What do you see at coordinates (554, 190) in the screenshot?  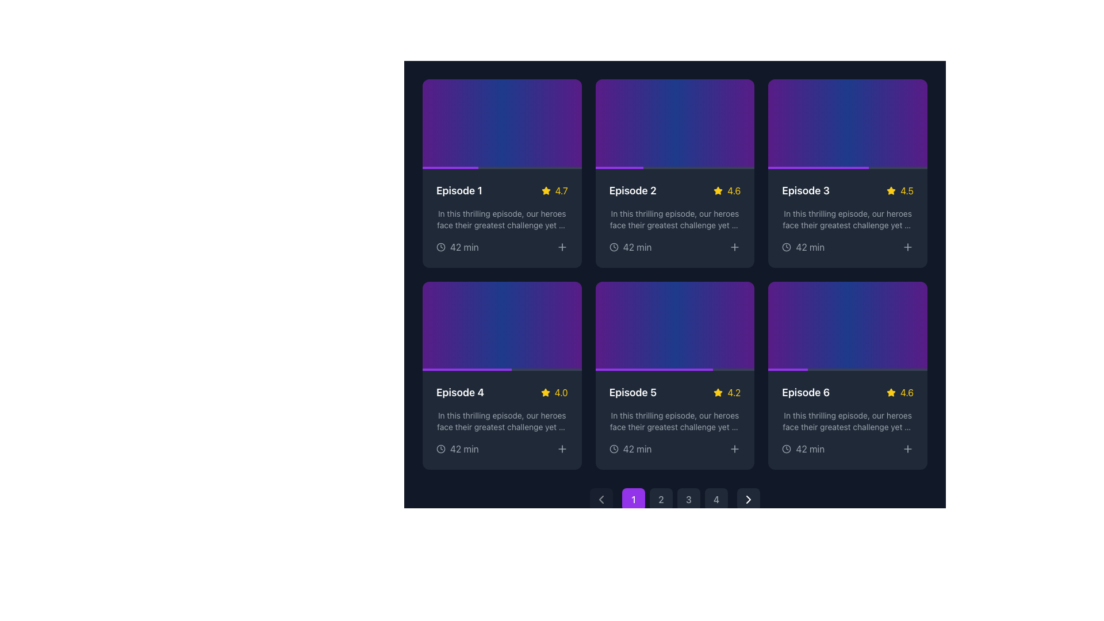 I see `the displayed rating for Episode 1, which is visually represented in the rating section at the top-right corner of the card` at bounding box center [554, 190].